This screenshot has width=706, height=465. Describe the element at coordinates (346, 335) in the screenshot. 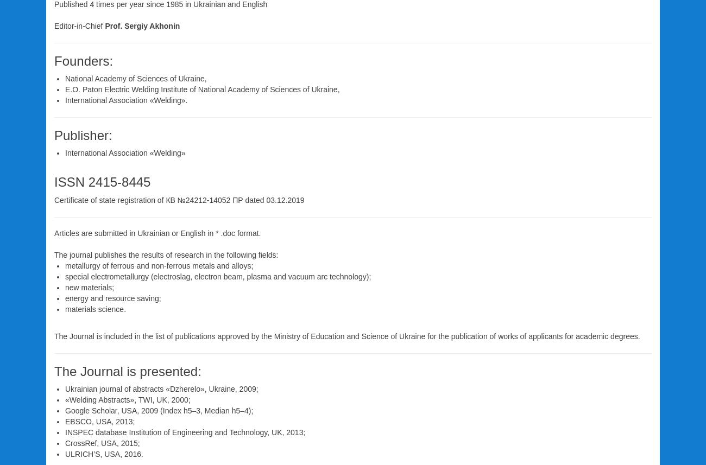

I see `'The Journal is included in the list of publications approved by 
the Ministry of Education and Science of Ukraine 
for the publication of works of applicants for academic degrees.'` at that location.